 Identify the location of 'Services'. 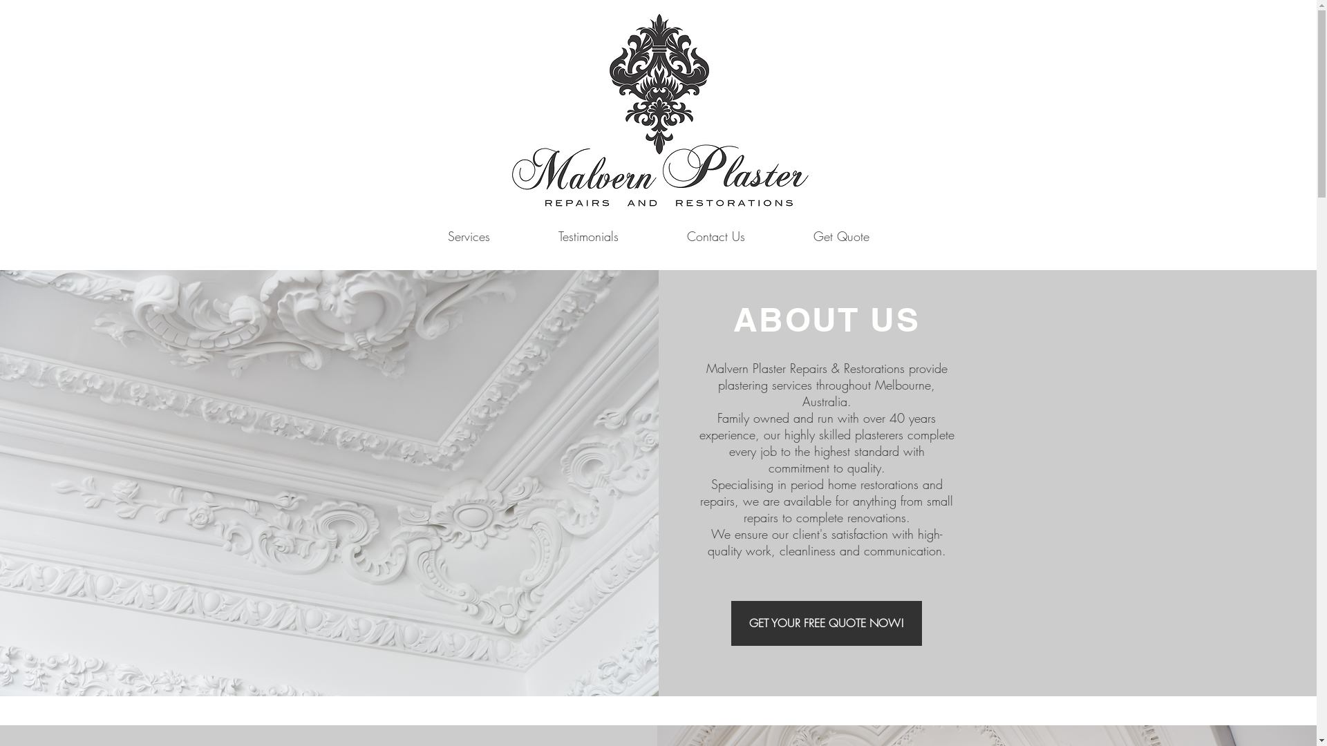
(468, 236).